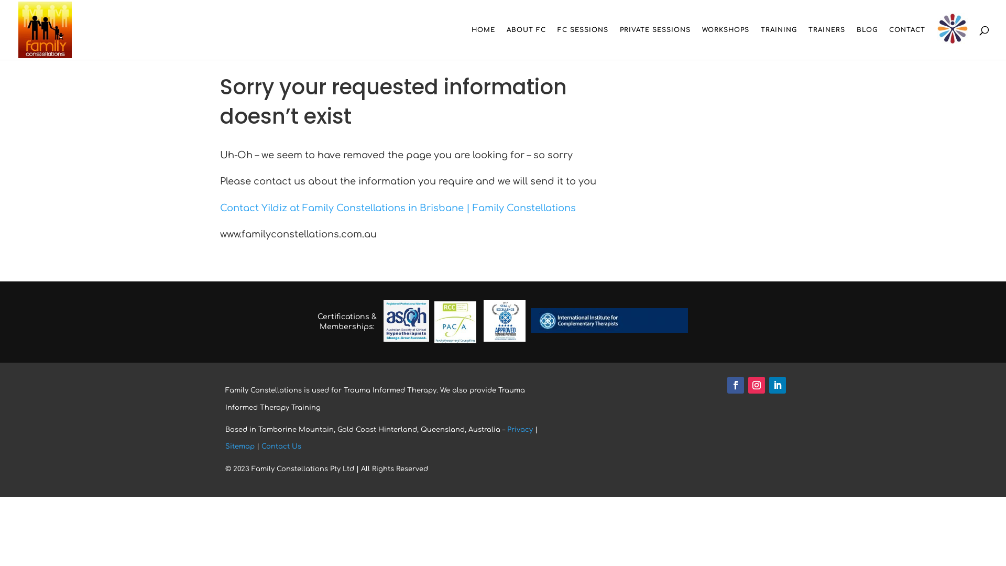  What do you see at coordinates (779, 42) in the screenshot?
I see `'TRAINING'` at bounding box center [779, 42].